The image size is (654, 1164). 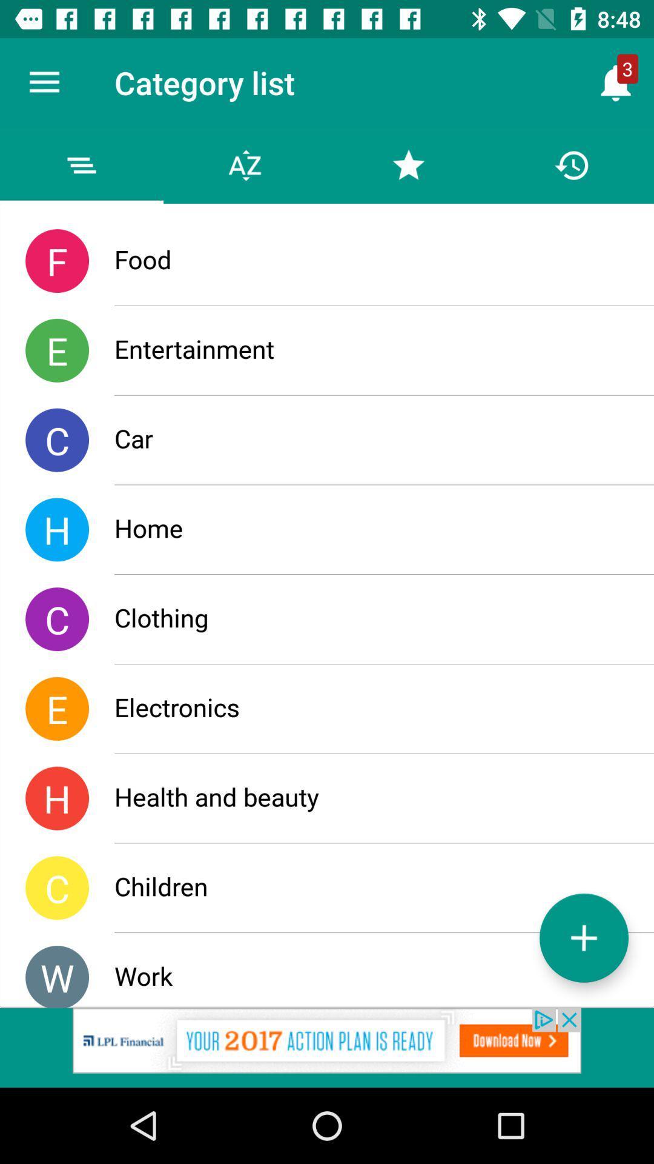 I want to click on open advertisement, so click(x=327, y=1047).